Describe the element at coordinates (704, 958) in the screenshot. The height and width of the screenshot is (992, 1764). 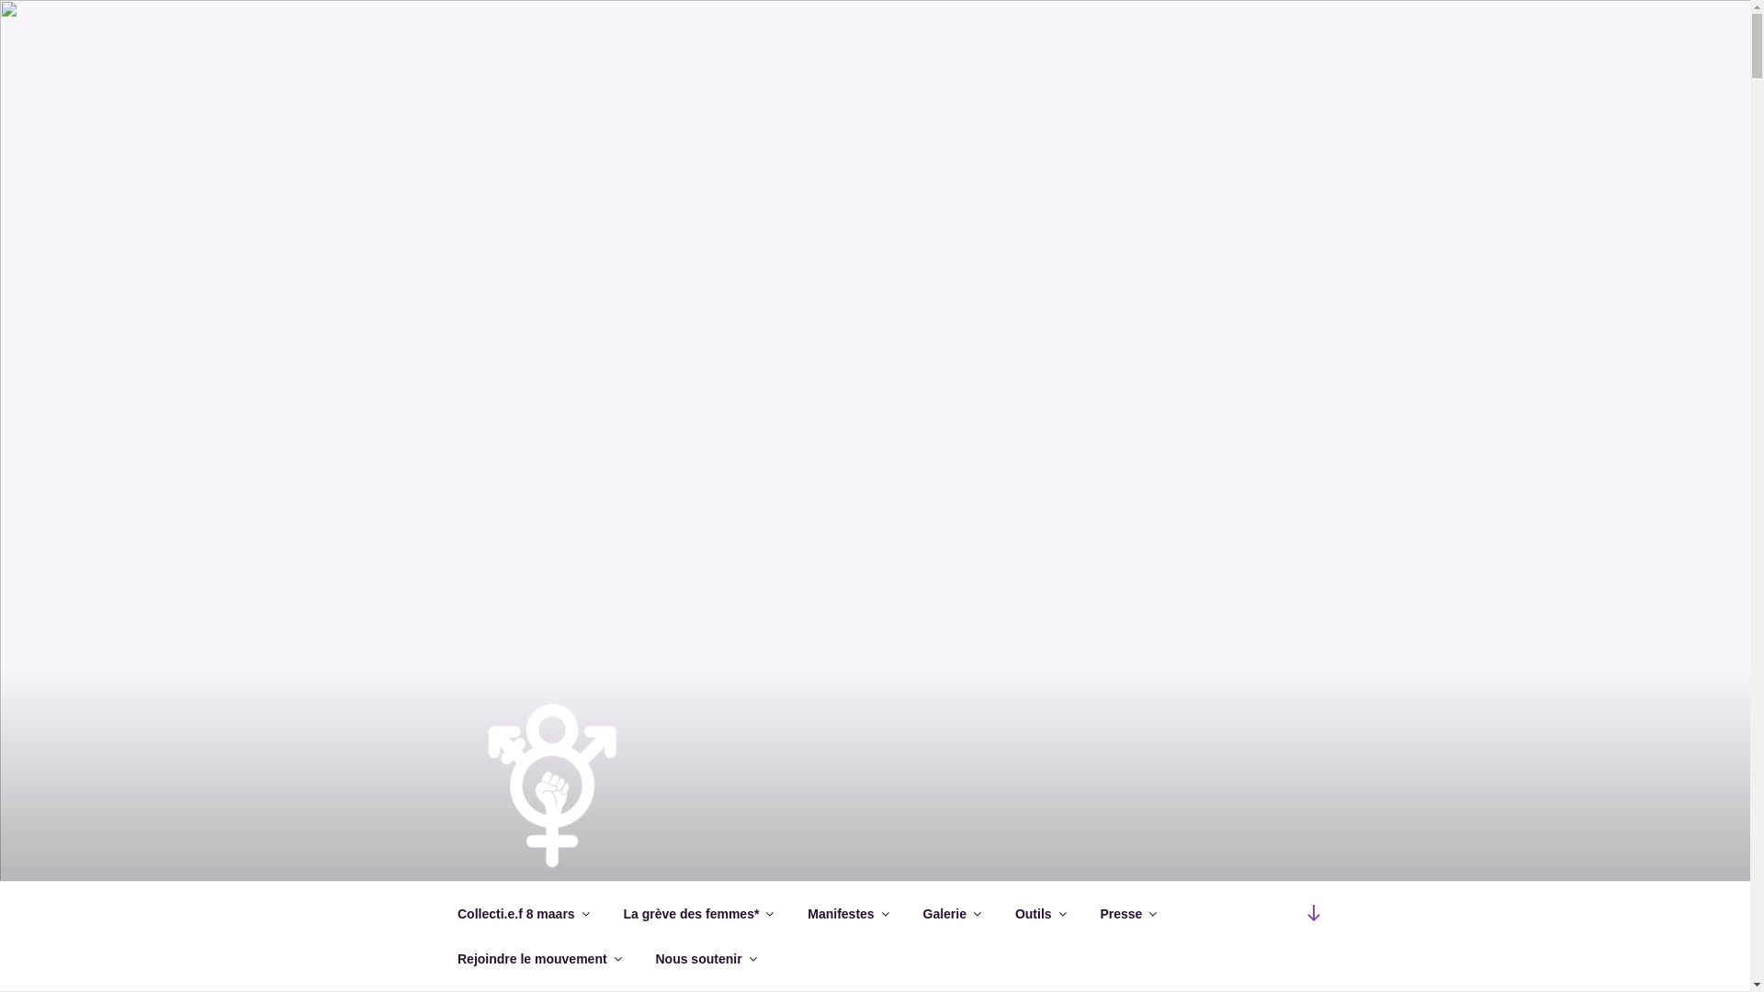
I see `'Nous soutenir'` at that location.